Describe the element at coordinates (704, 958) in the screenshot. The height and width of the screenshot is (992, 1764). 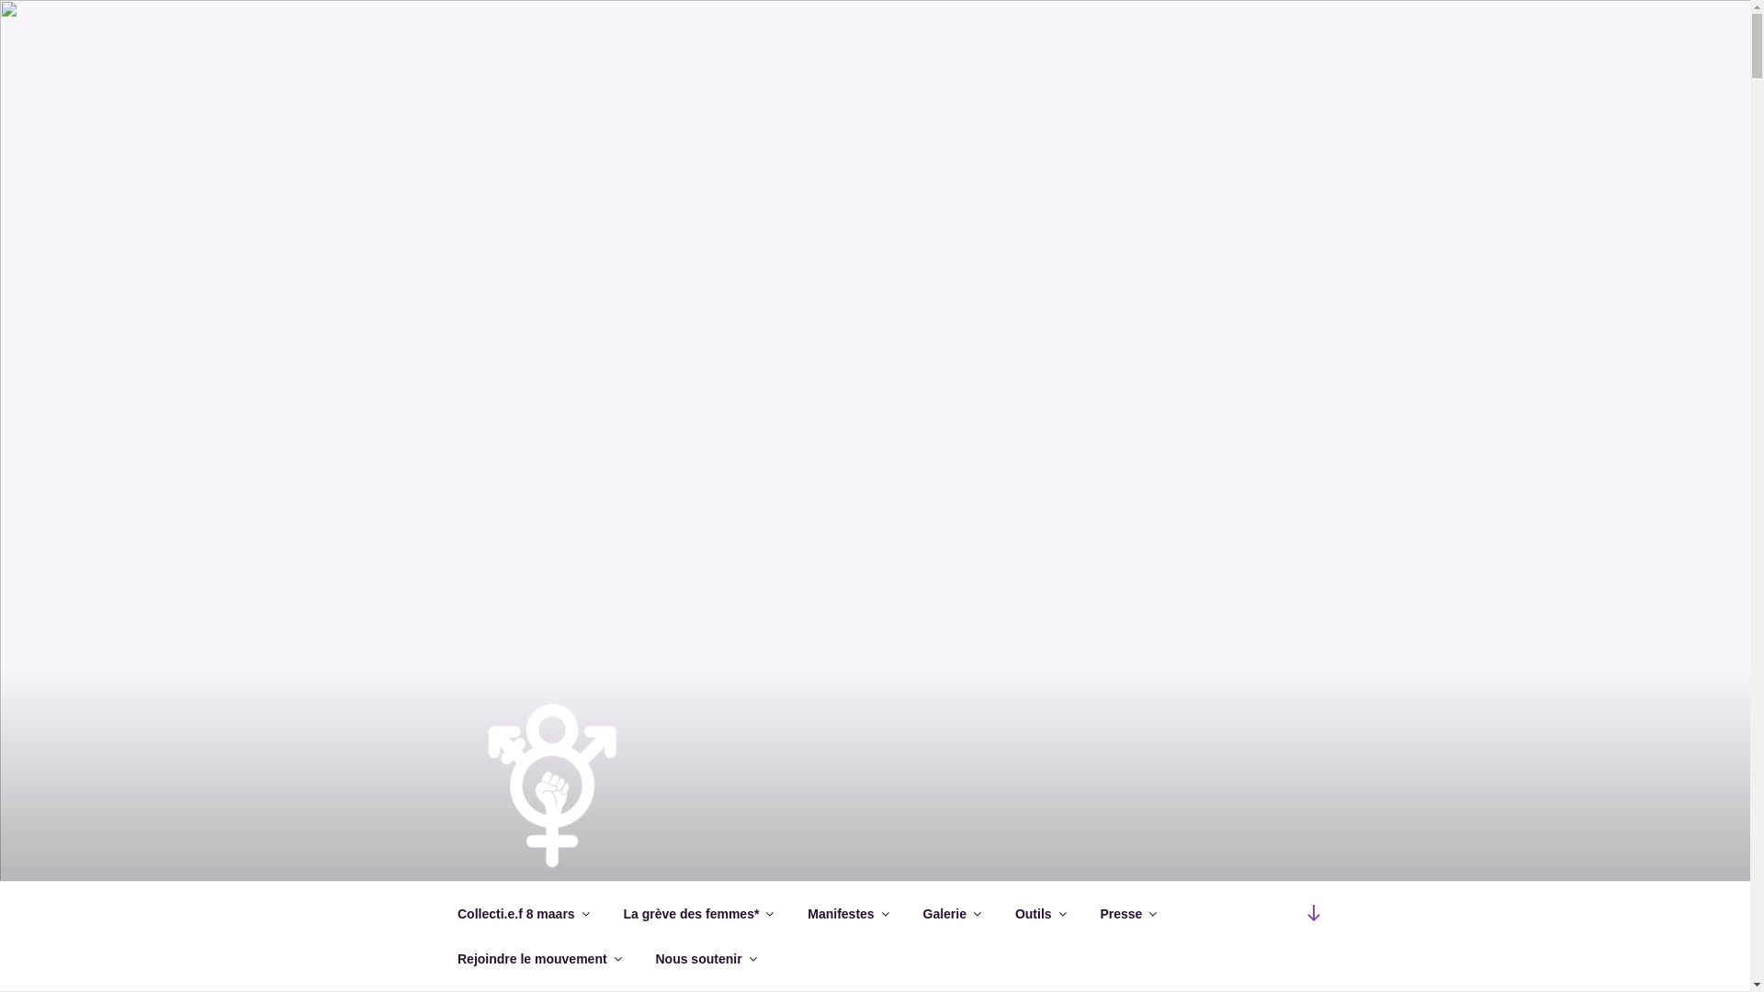
I see `'Nous soutenir'` at that location.